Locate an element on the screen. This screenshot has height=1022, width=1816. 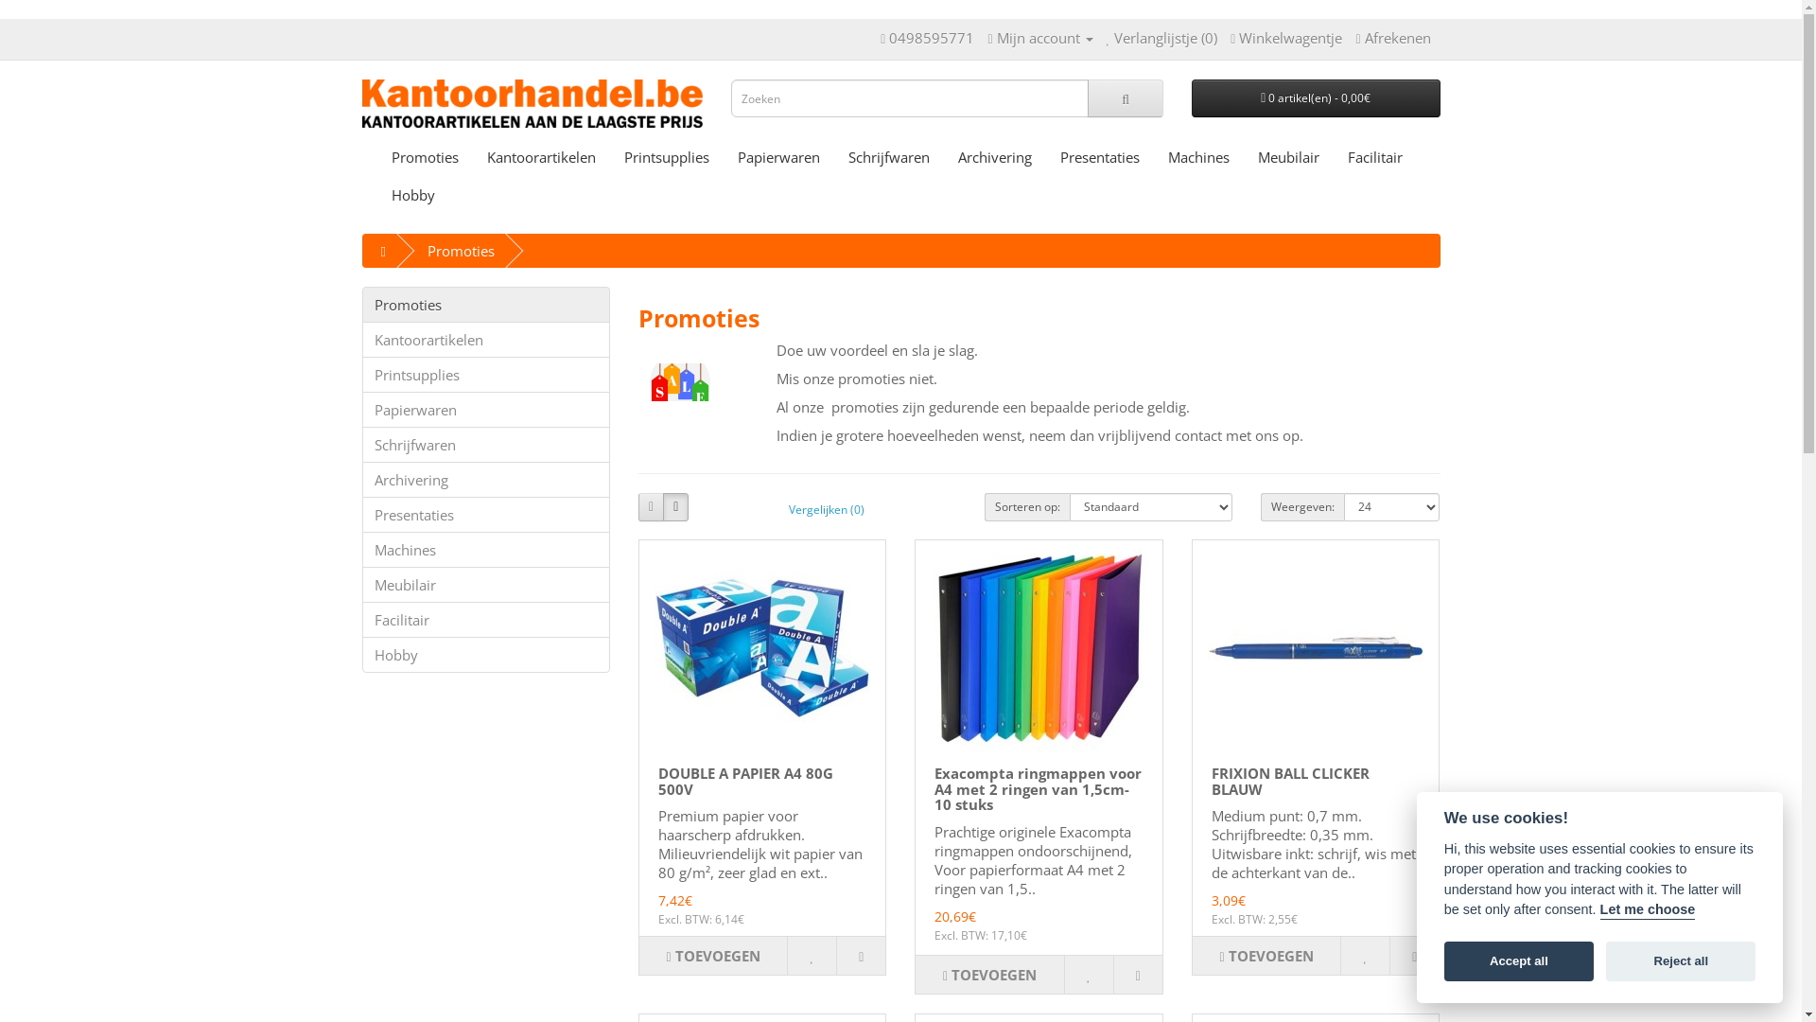
'Schrijfwaren' is located at coordinates (485, 445).